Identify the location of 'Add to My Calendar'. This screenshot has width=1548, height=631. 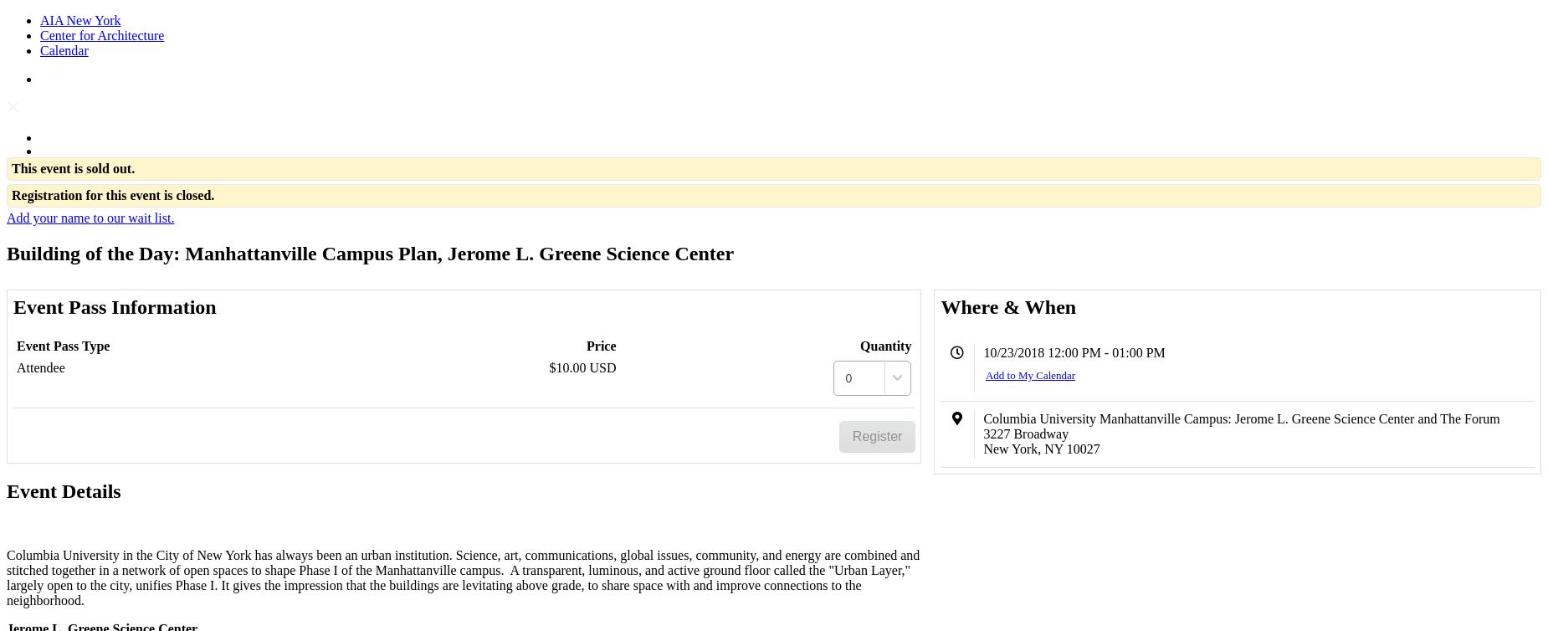
(983, 374).